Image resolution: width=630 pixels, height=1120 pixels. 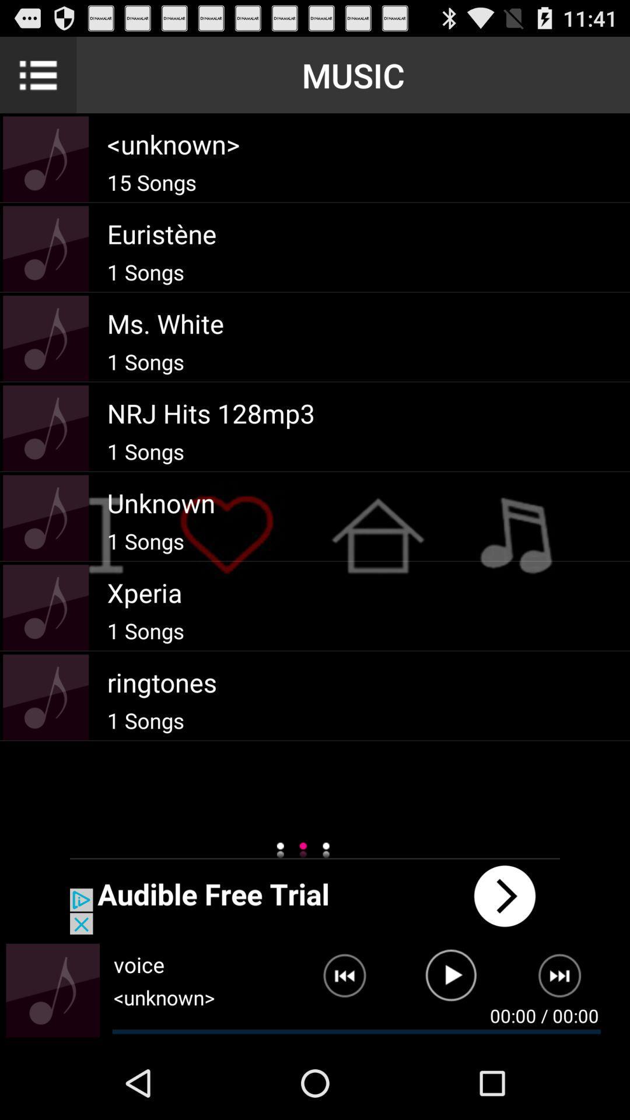 I want to click on advertisement page, so click(x=315, y=895).